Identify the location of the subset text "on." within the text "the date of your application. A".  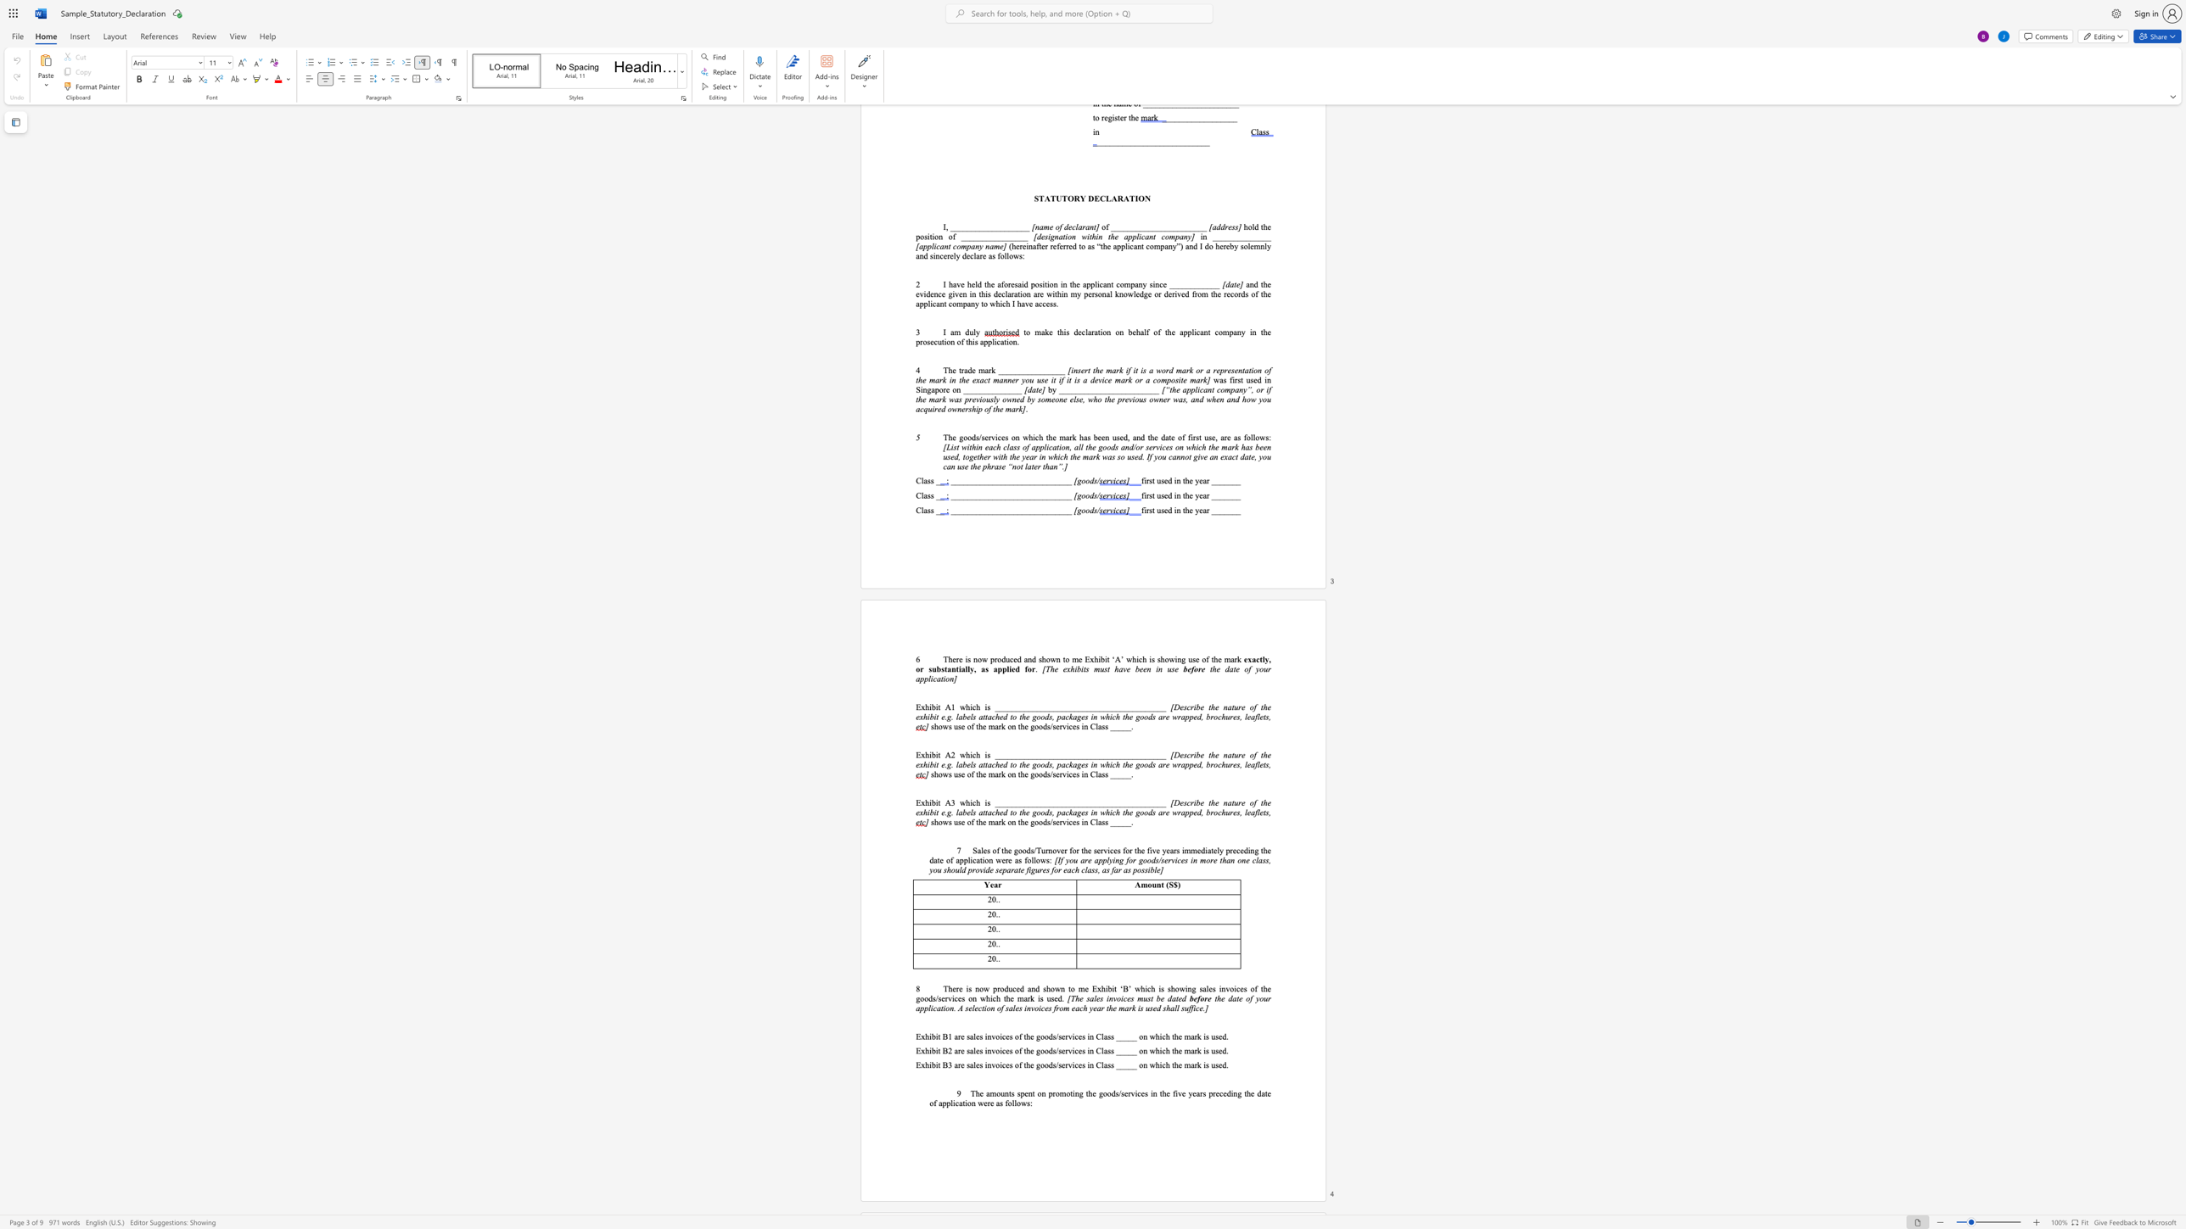
(945, 1007).